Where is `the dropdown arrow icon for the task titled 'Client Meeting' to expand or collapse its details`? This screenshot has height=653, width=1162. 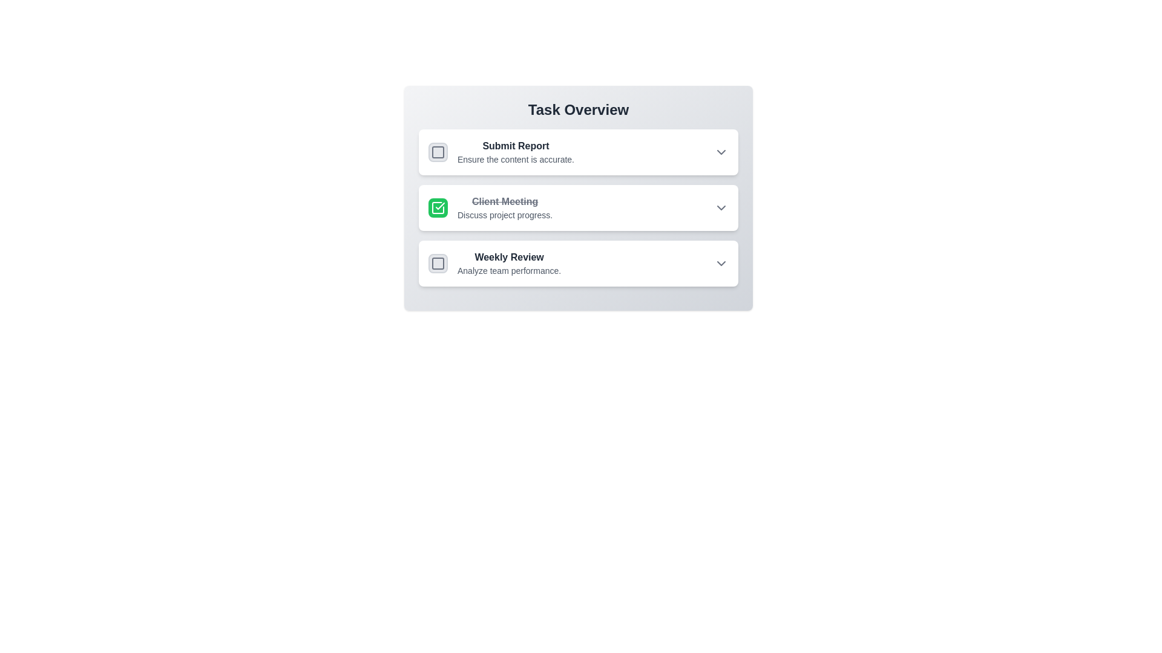
the dropdown arrow icon for the task titled 'Client Meeting' to expand or collapse its details is located at coordinates (721, 207).